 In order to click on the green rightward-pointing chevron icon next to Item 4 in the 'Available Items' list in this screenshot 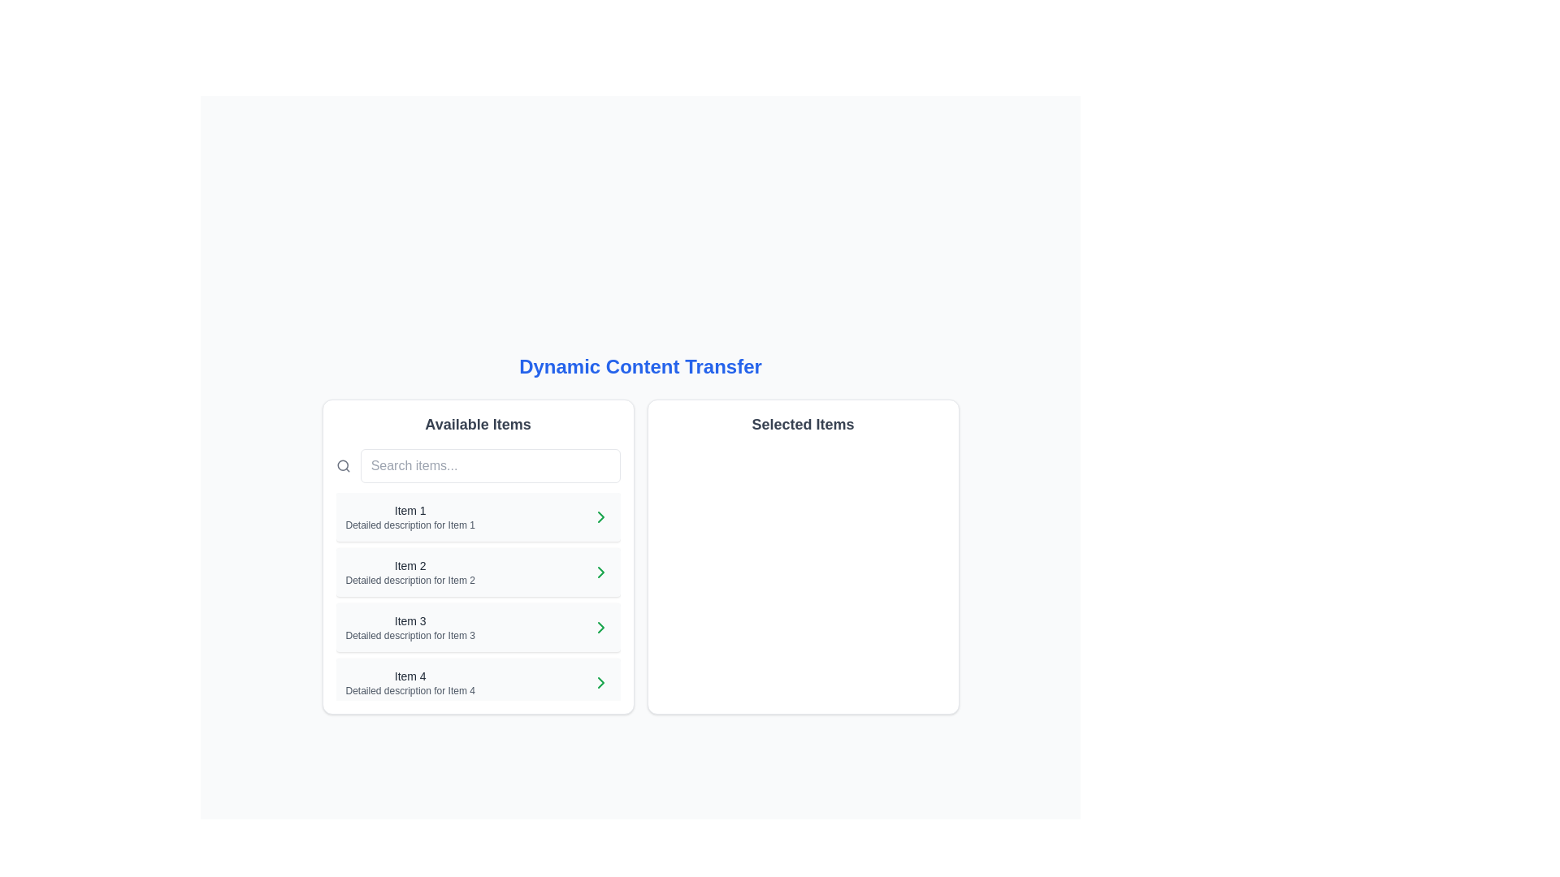, I will do `click(600, 682)`.